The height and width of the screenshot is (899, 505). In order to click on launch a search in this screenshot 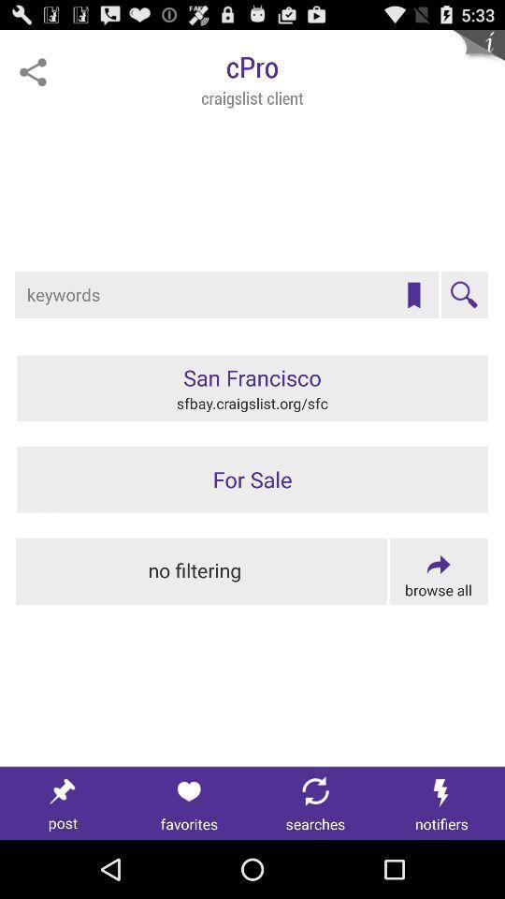, I will do `click(463, 295)`.